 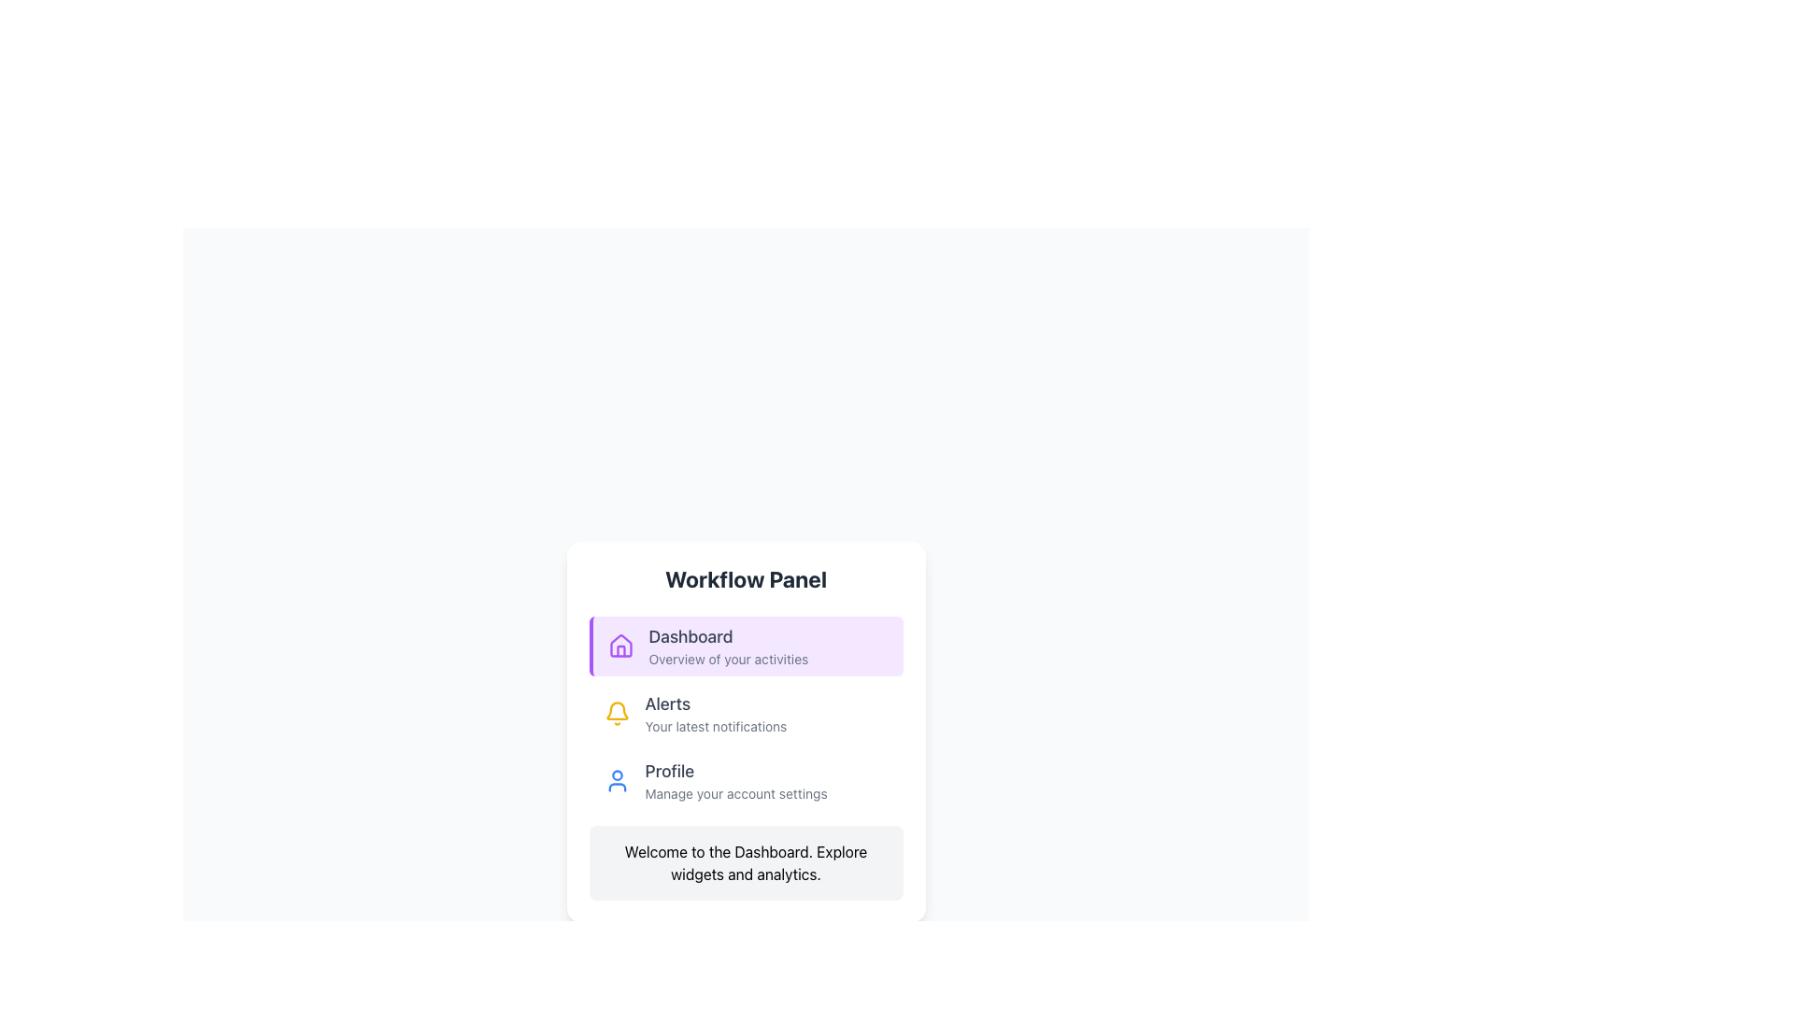 What do you see at coordinates (617, 713) in the screenshot?
I see `the yellow bell-shaped icon representing the 'Alerts' section in the 'Workflow Panel'` at bounding box center [617, 713].